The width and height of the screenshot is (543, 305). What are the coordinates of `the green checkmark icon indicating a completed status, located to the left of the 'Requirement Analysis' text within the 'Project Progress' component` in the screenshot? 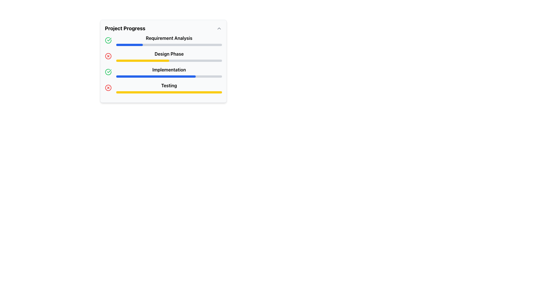 It's located at (109, 71).